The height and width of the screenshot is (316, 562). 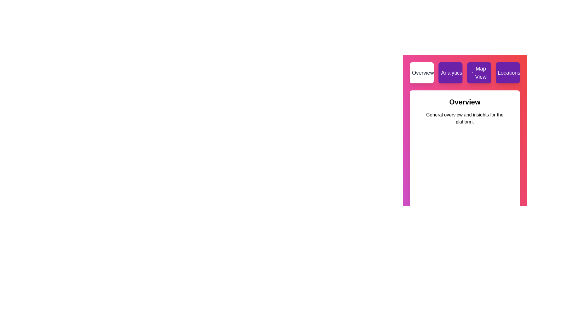 I want to click on the 'Analytics' tab in the navigation bar, so click(x=465, y=73).